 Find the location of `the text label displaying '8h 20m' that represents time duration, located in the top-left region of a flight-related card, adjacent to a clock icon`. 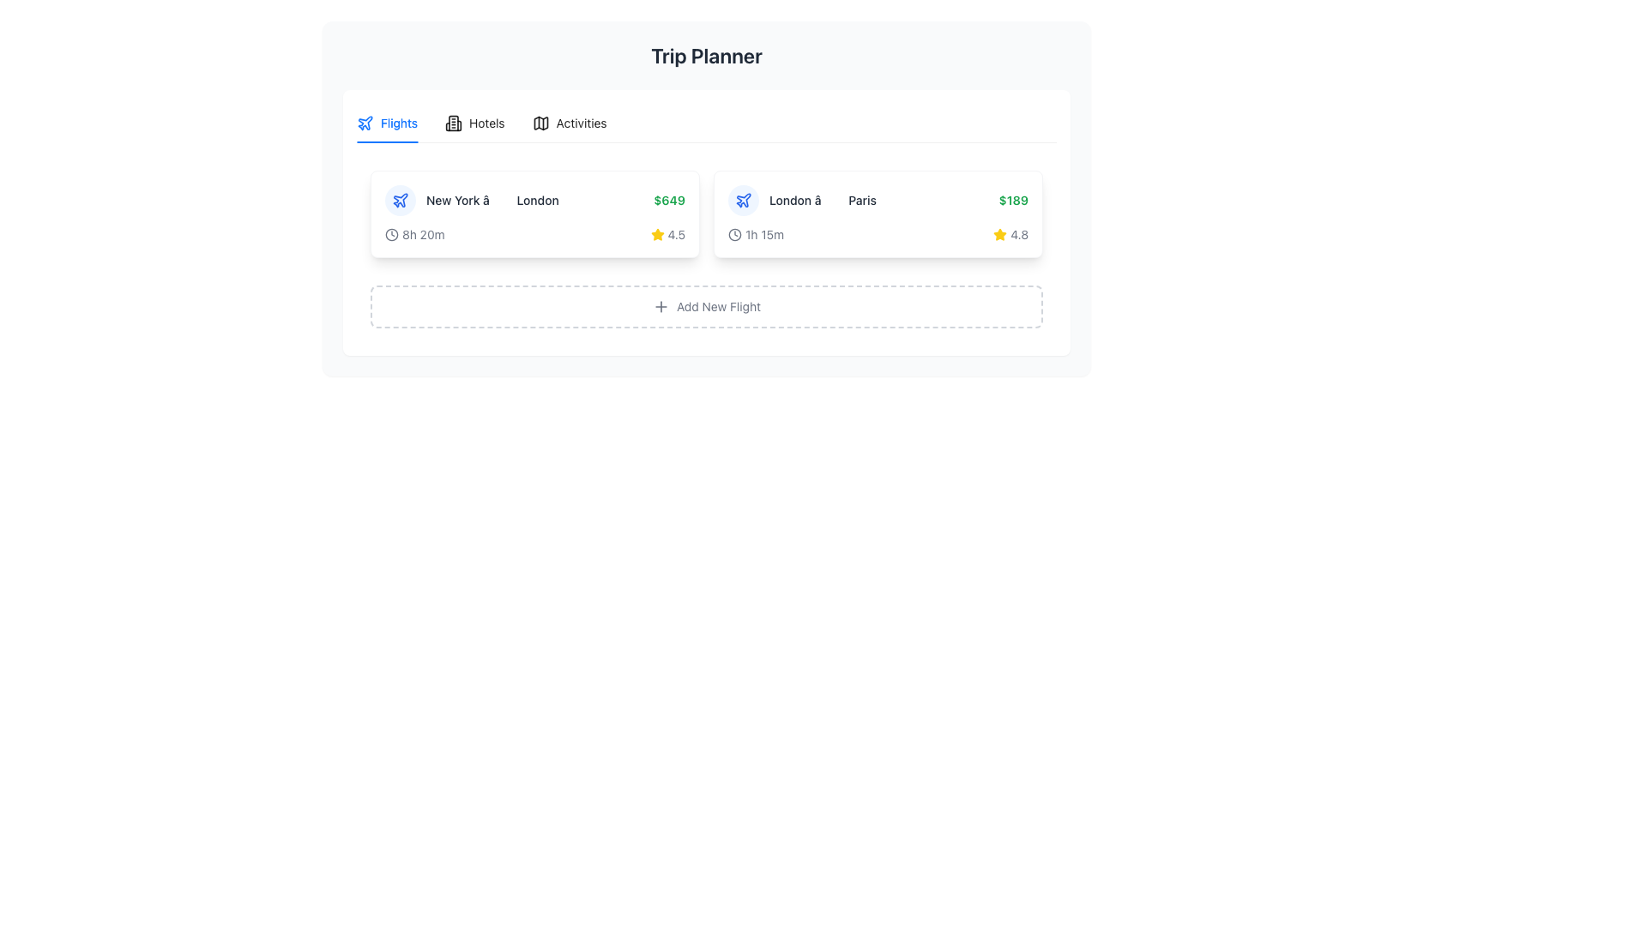

the text label displaying '8h 20m' that represents time duration, located in the top-left region of a flight-related card, adjacent to a clock icon is located at coordinates (423, 234).